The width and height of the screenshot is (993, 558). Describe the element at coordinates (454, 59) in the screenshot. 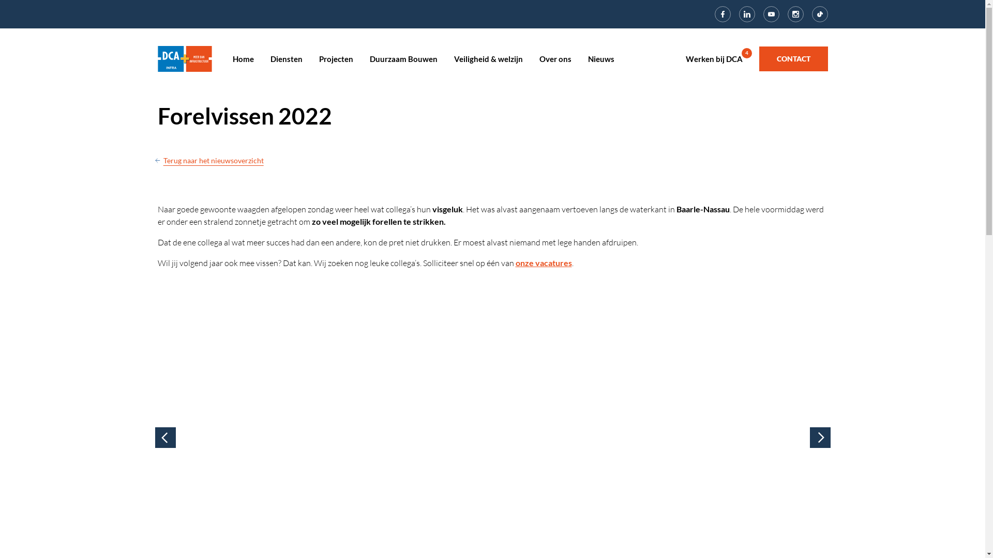

I see `'Veiligheid & welzijn'` at that location.